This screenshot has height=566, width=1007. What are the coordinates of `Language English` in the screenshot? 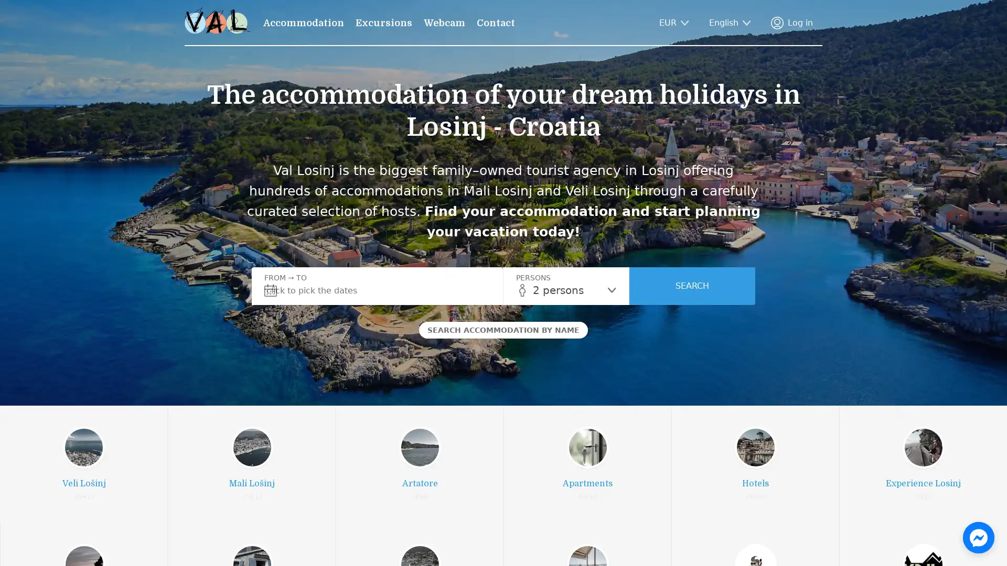 It's located at (730, 23).